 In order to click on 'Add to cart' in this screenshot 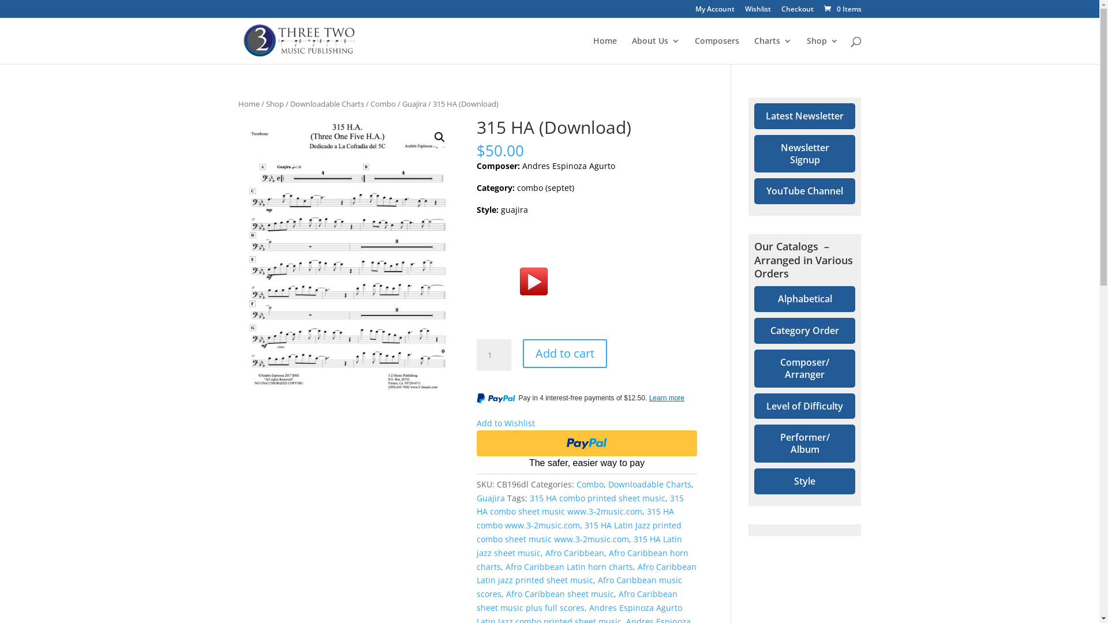, I will do `click(565, 353)`.